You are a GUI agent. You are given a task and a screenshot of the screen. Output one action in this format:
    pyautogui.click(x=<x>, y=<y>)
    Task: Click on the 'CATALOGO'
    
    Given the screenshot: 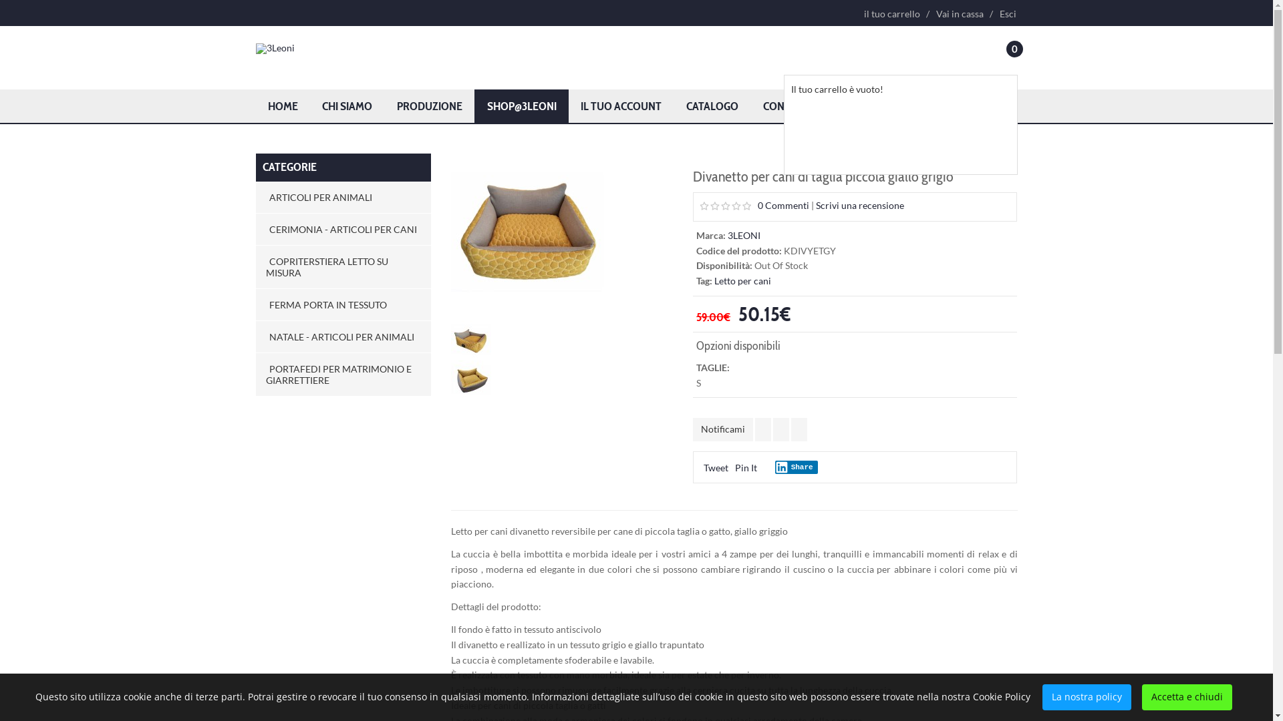 What is the action you would take?
    pyautogui.click(x=712, y=105)
    